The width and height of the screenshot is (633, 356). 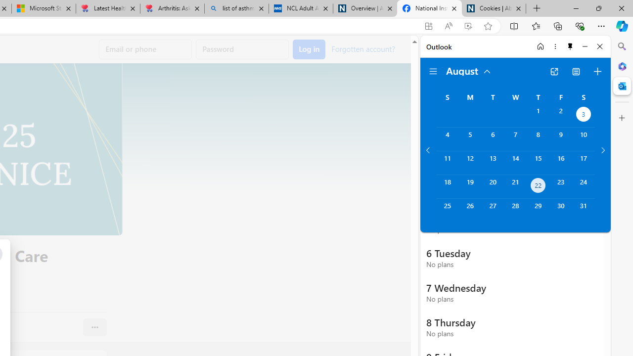 I want to click on 'Tuesday, August 27, 2024. ', so click(x=493, y=210).